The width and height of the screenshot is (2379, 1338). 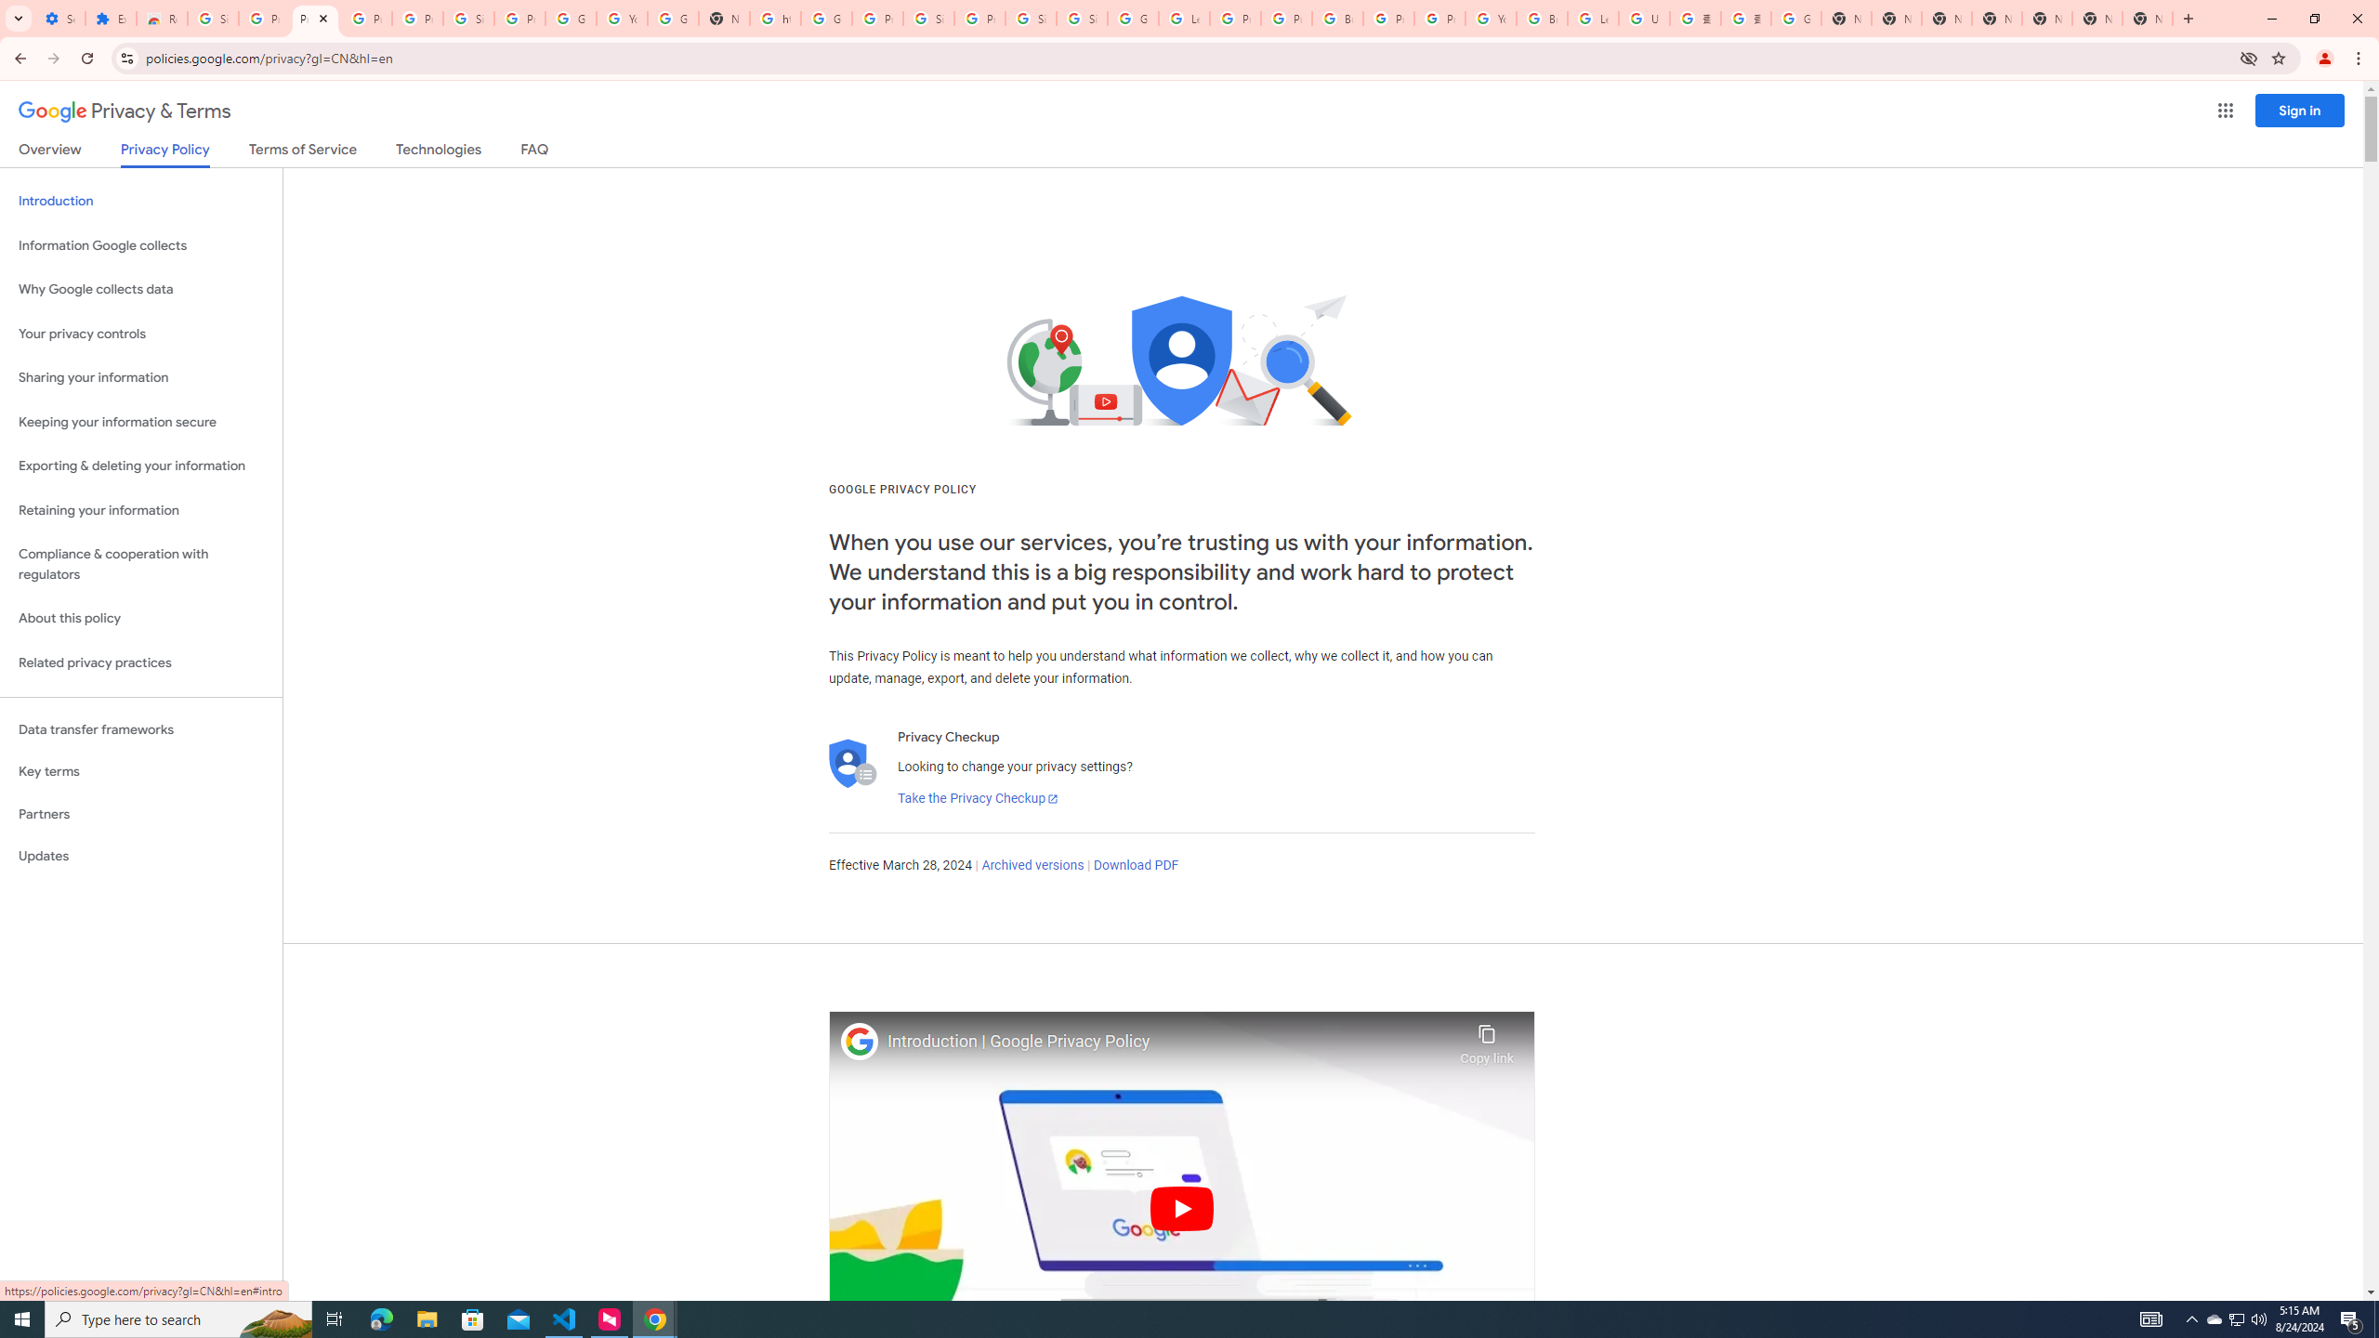 I want to click on 'Data transfer frameworks', so click(x=140, y=729).